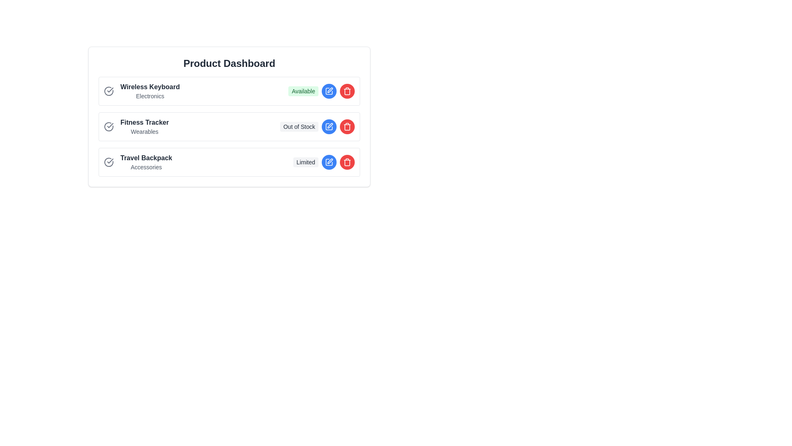 This screenshot has height=446, width=792. What do you see at coordinates (347, 127) in the screenshot?
I see `the delete button for the product Fitness Tracker` at bounding box center [347, 127].